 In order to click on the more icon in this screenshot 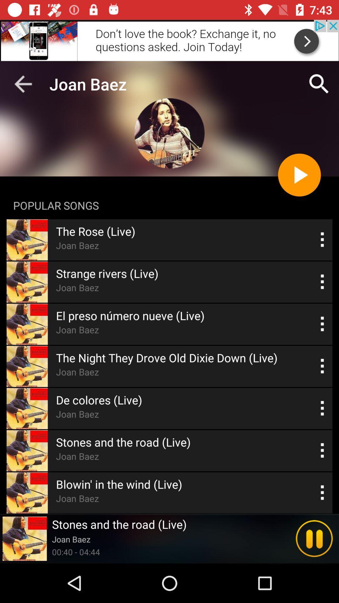, I will do `click(322, 450)`.